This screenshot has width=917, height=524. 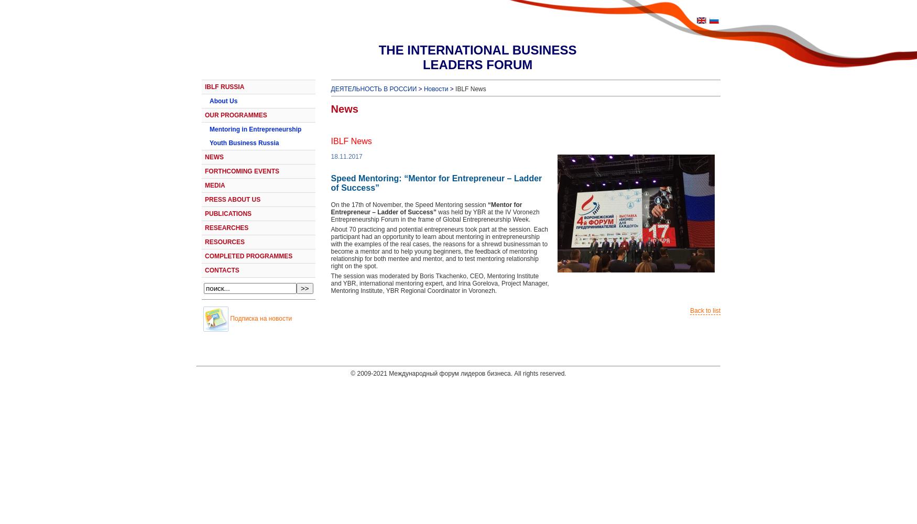 I want to click on 'PRESS ABOUT US', so click(x=204, y=200).